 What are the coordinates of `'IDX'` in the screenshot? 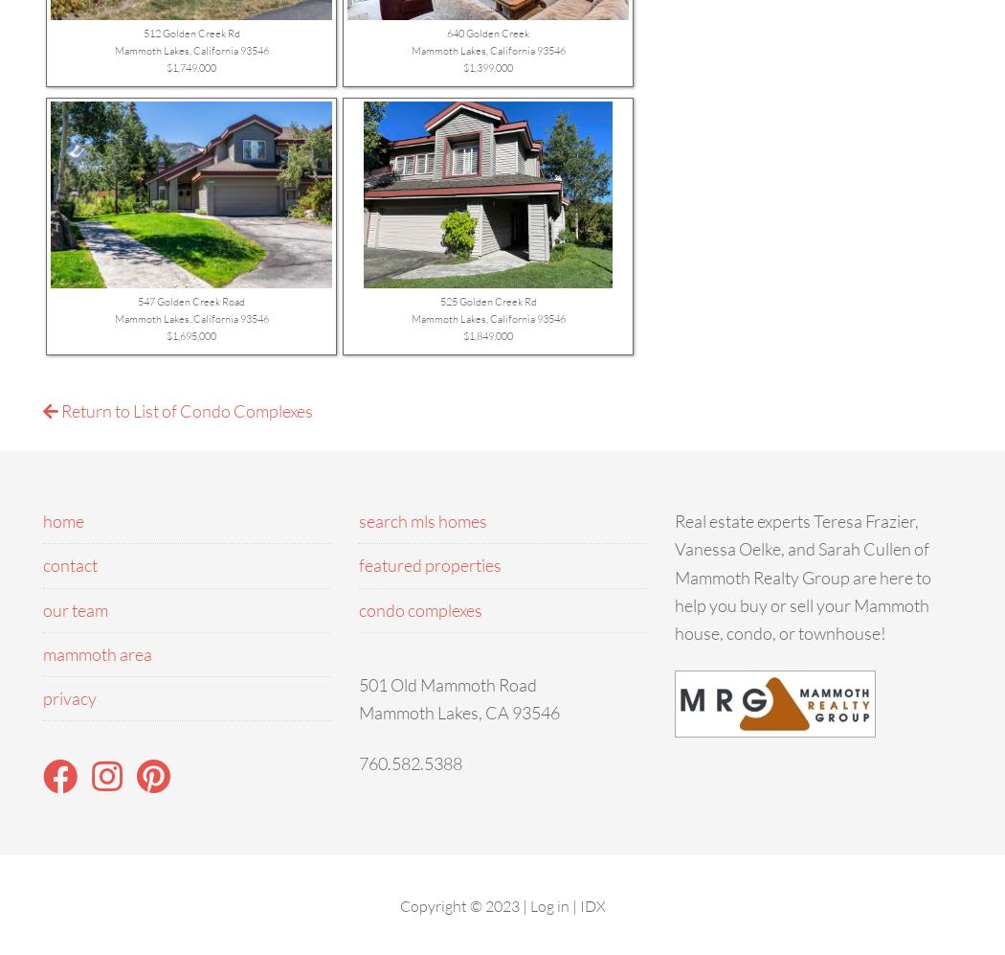 It's located at (592, 904).